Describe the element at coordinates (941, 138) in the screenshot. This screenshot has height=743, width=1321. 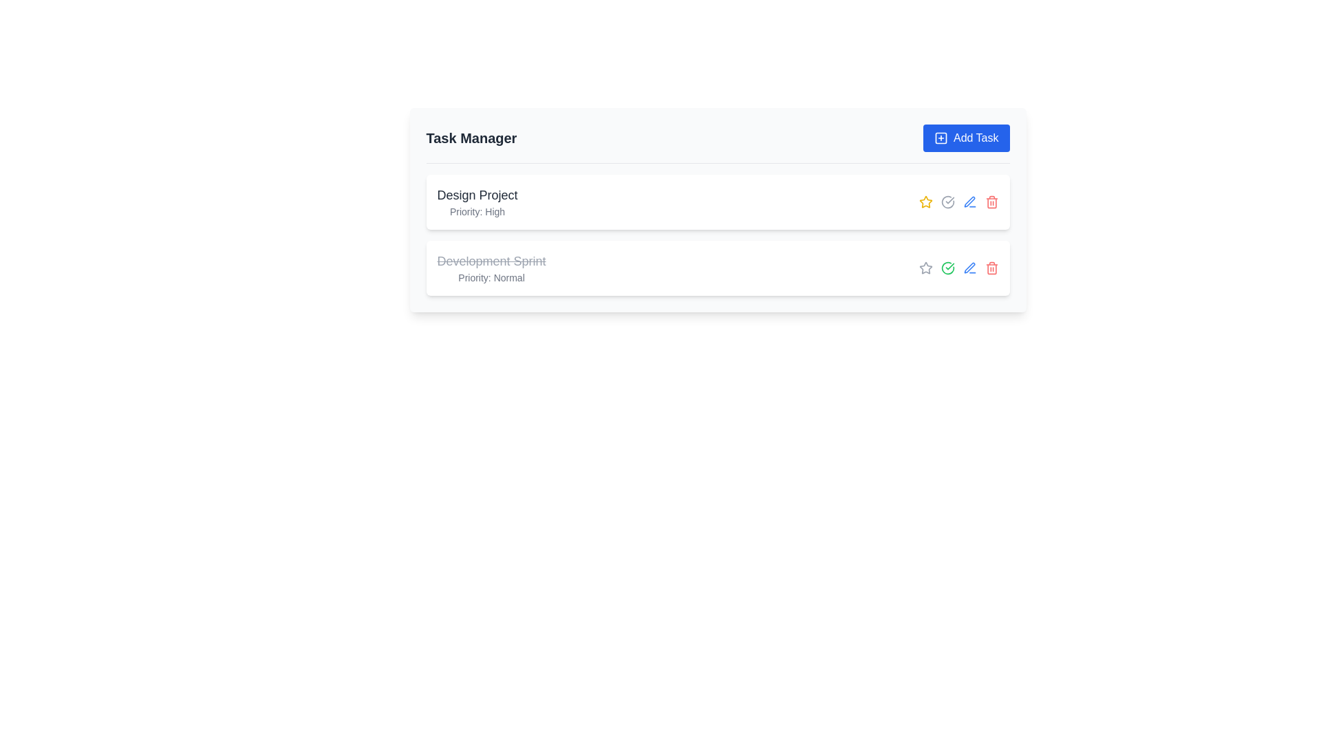
I see `the icon located at the top-right corner of the interface within the 'Add Task' button` at that location.